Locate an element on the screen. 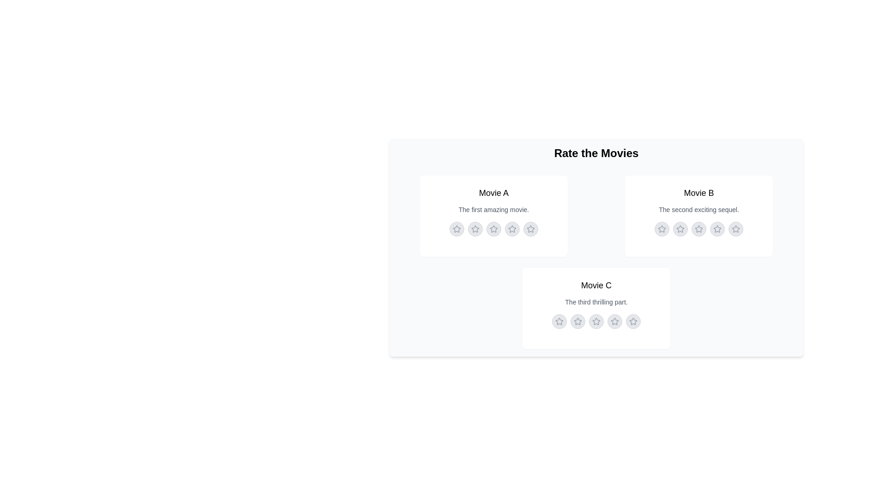 The image size is (887, 499). the fourth star icon in the rating system under the 'Movie A' card is located at coordinates (511, 229).